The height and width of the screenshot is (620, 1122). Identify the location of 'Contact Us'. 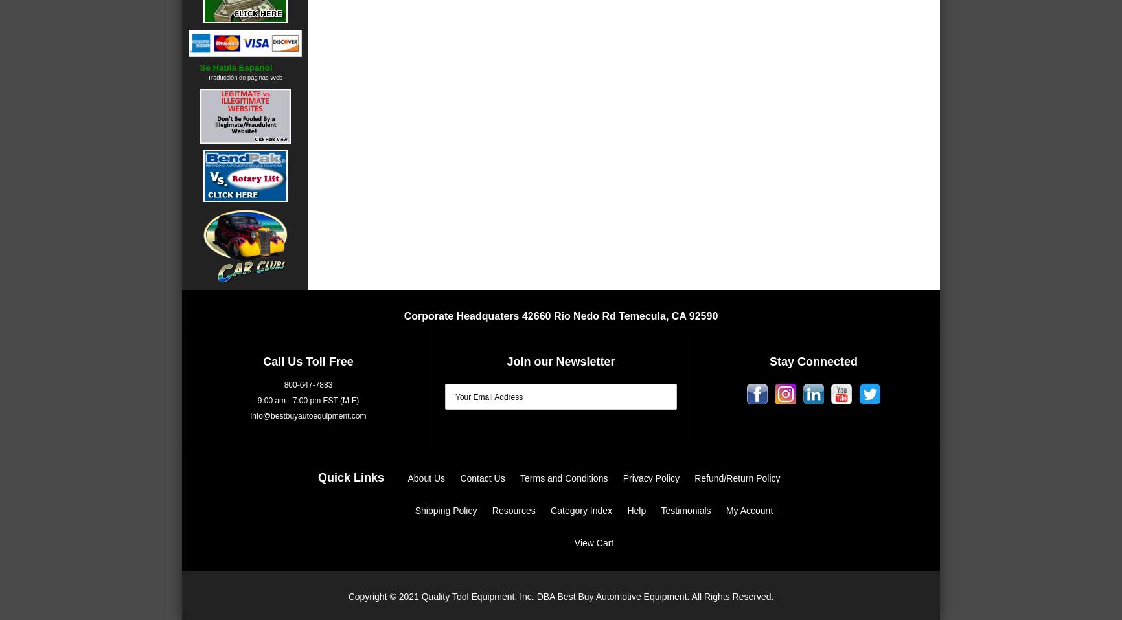
(481, 478).